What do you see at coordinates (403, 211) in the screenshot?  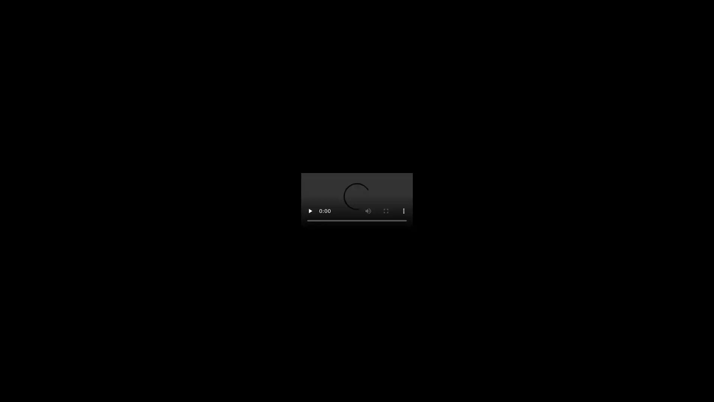 I see `show more media controls` at bounding box center [403, 211].